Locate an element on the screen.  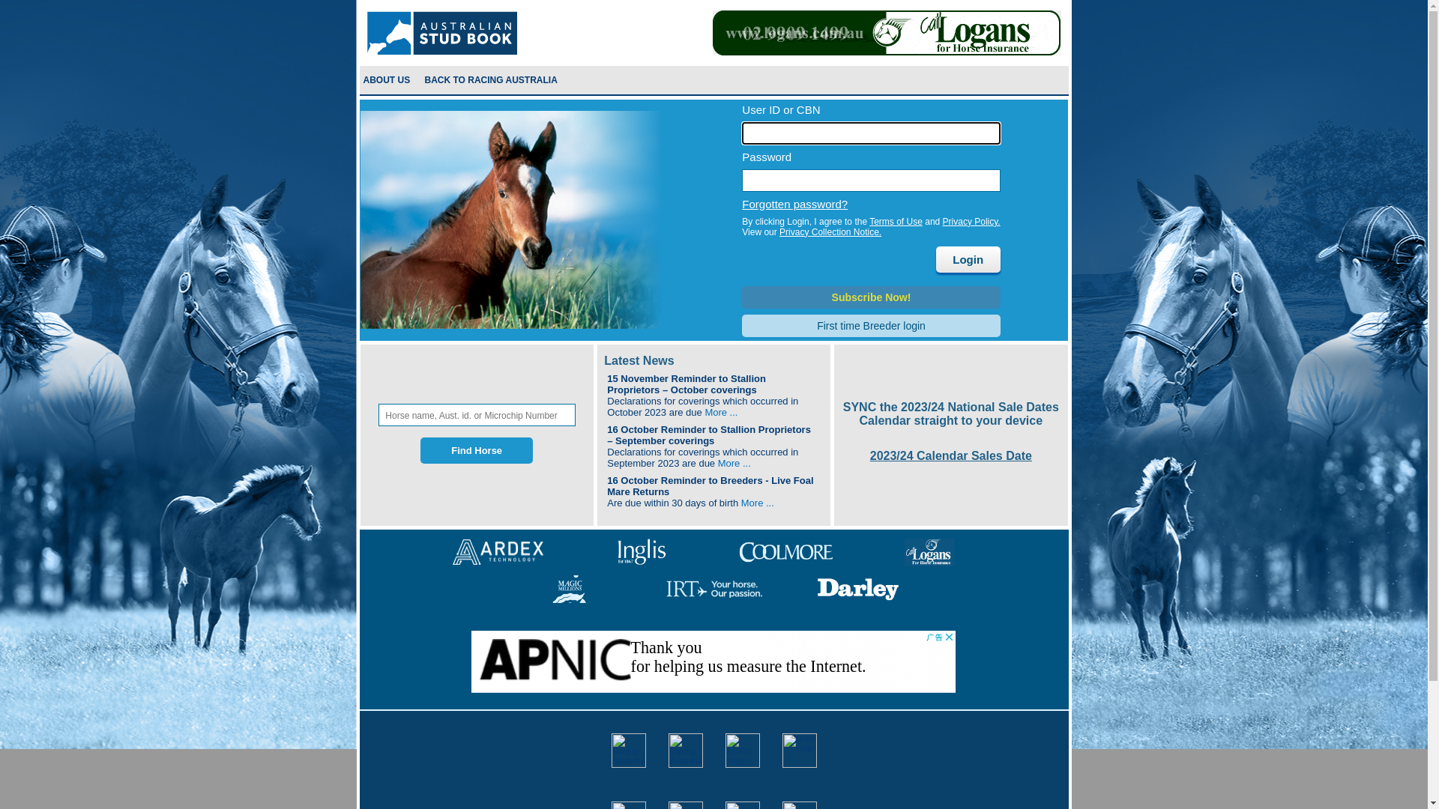
'Magic-Millions' is located at coordinates (569, 588).